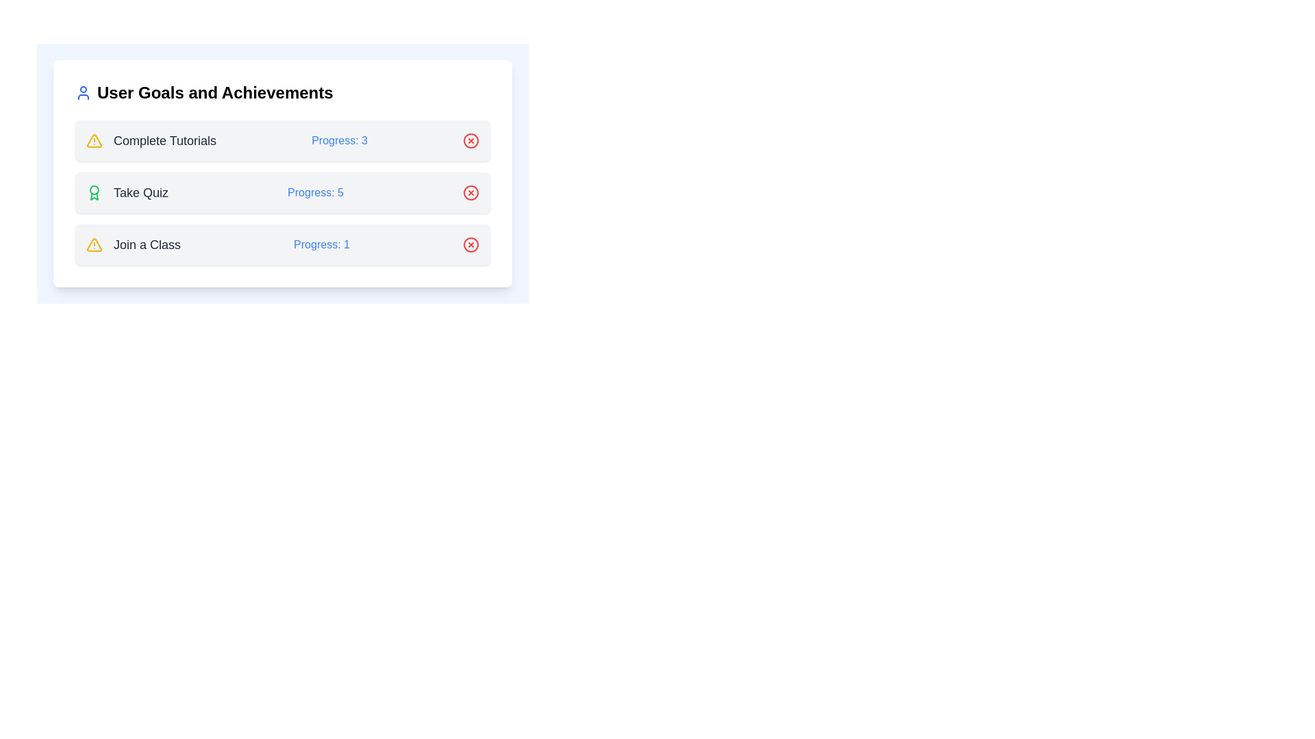  I want to click on the text label displaying 'Progress: 3', which is styled in blue and located to the right of 'Complete Tutorials', so click(340, 140).